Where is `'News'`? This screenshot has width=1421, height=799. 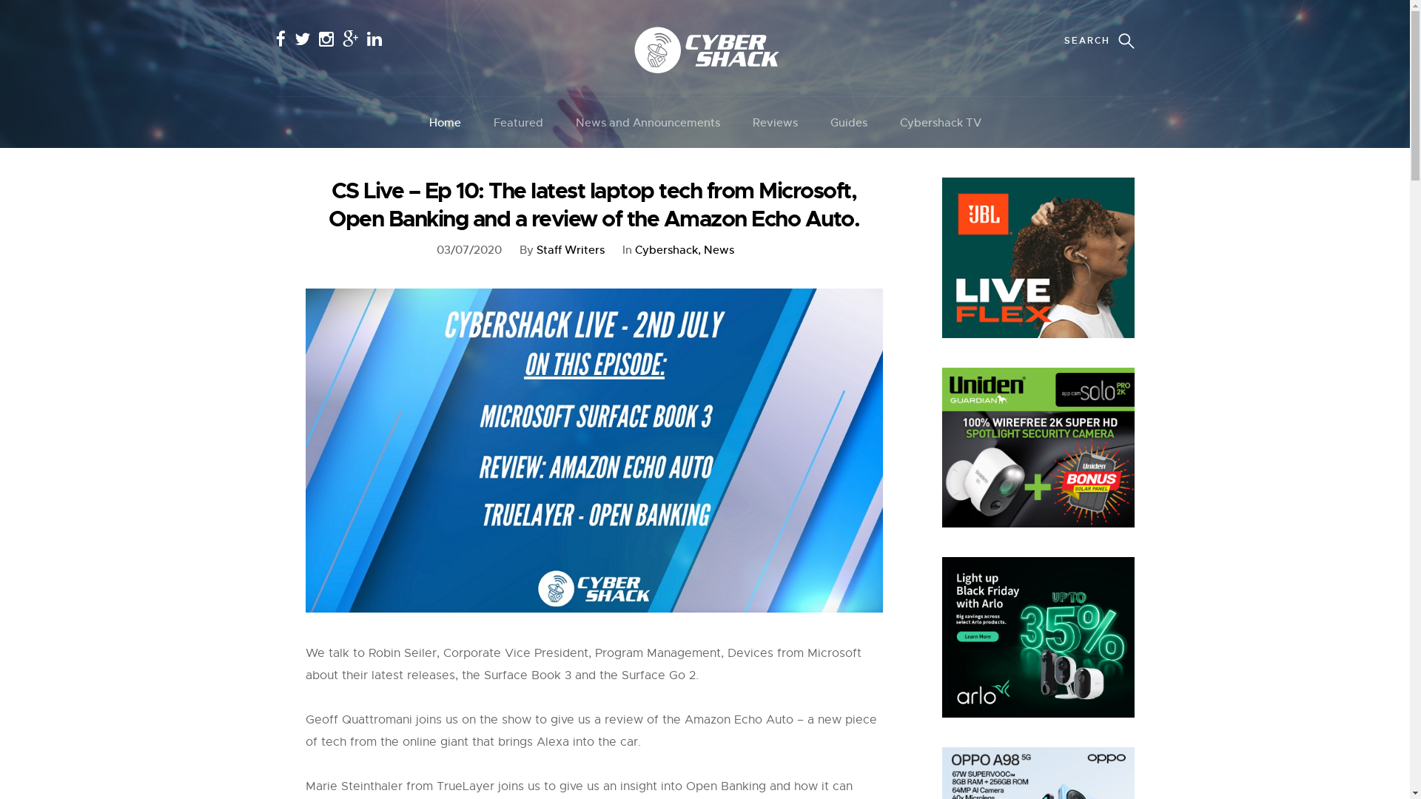
'News' is located at coordinates (718, 249).